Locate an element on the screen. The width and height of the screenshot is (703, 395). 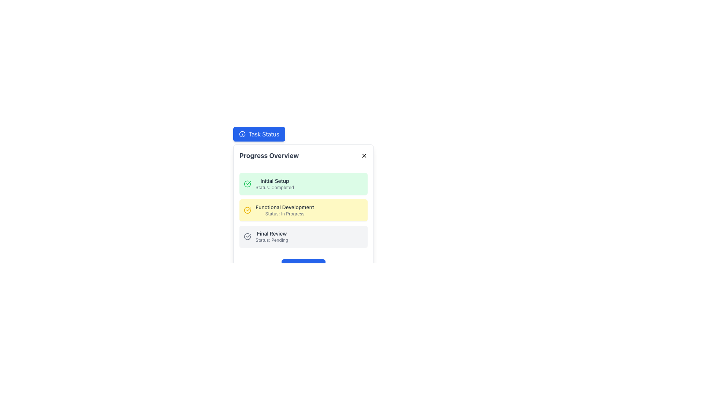
the text label indicating the progress status of the 'Functional Development' section, which is located beneath the corresponding title in a vertical list of status sections is located at coordinates (284, 214).